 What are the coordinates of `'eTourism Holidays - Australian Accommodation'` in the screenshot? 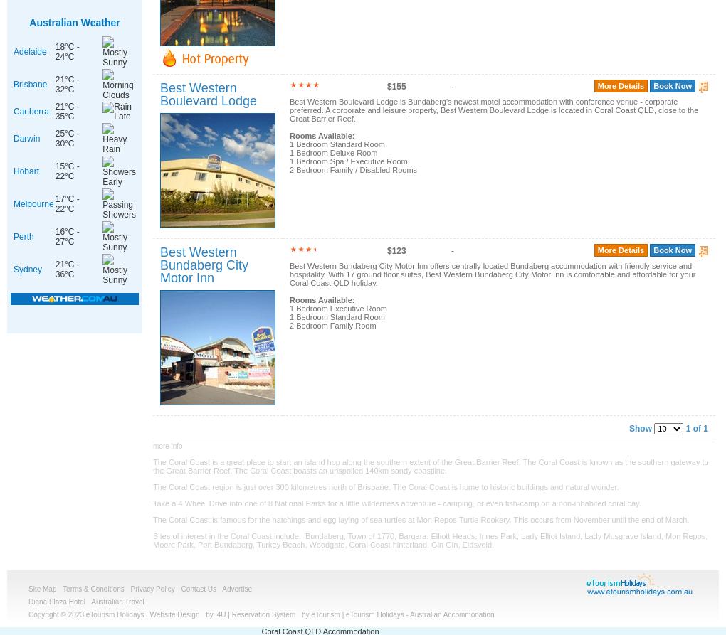 It's located at (419, 614).